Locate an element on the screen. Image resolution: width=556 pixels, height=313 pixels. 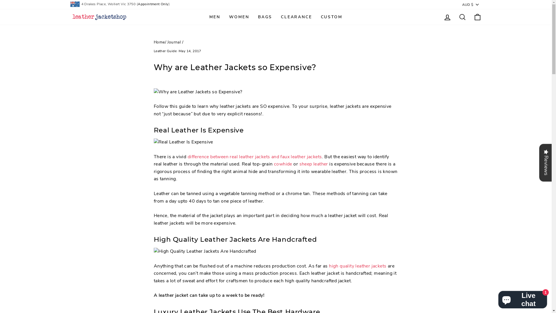
'AUD $' is located at coordinates (471, 4).